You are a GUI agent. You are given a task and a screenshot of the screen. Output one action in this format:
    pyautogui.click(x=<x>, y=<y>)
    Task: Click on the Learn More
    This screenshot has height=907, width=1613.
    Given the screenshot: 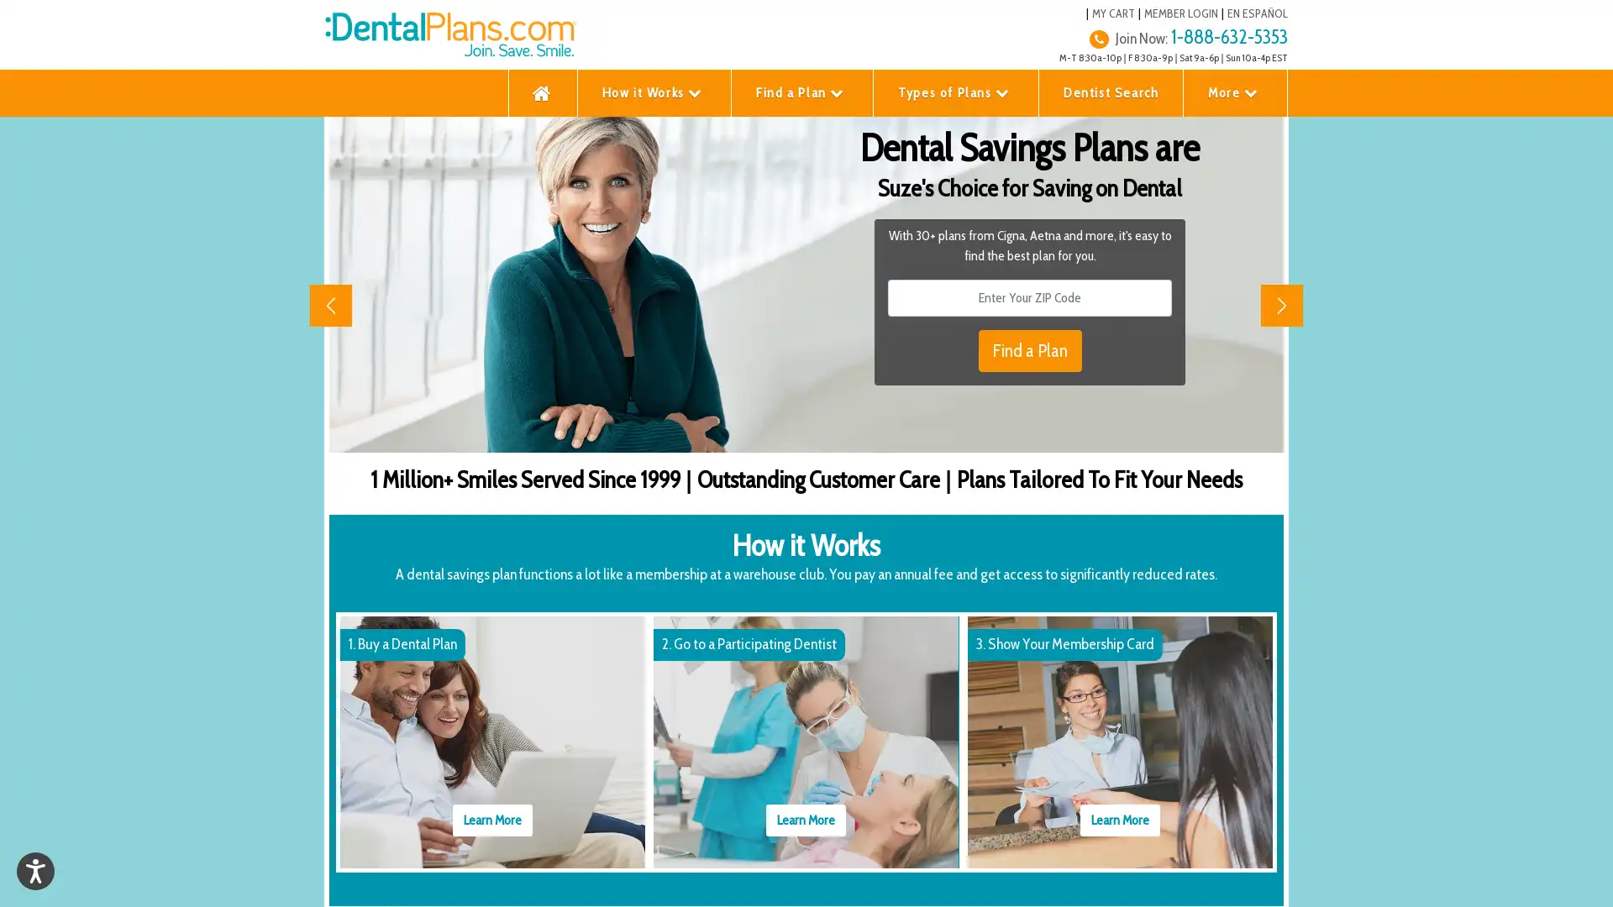 What is the action you would take?
    pyautogui.click(x=805, y=818)
    